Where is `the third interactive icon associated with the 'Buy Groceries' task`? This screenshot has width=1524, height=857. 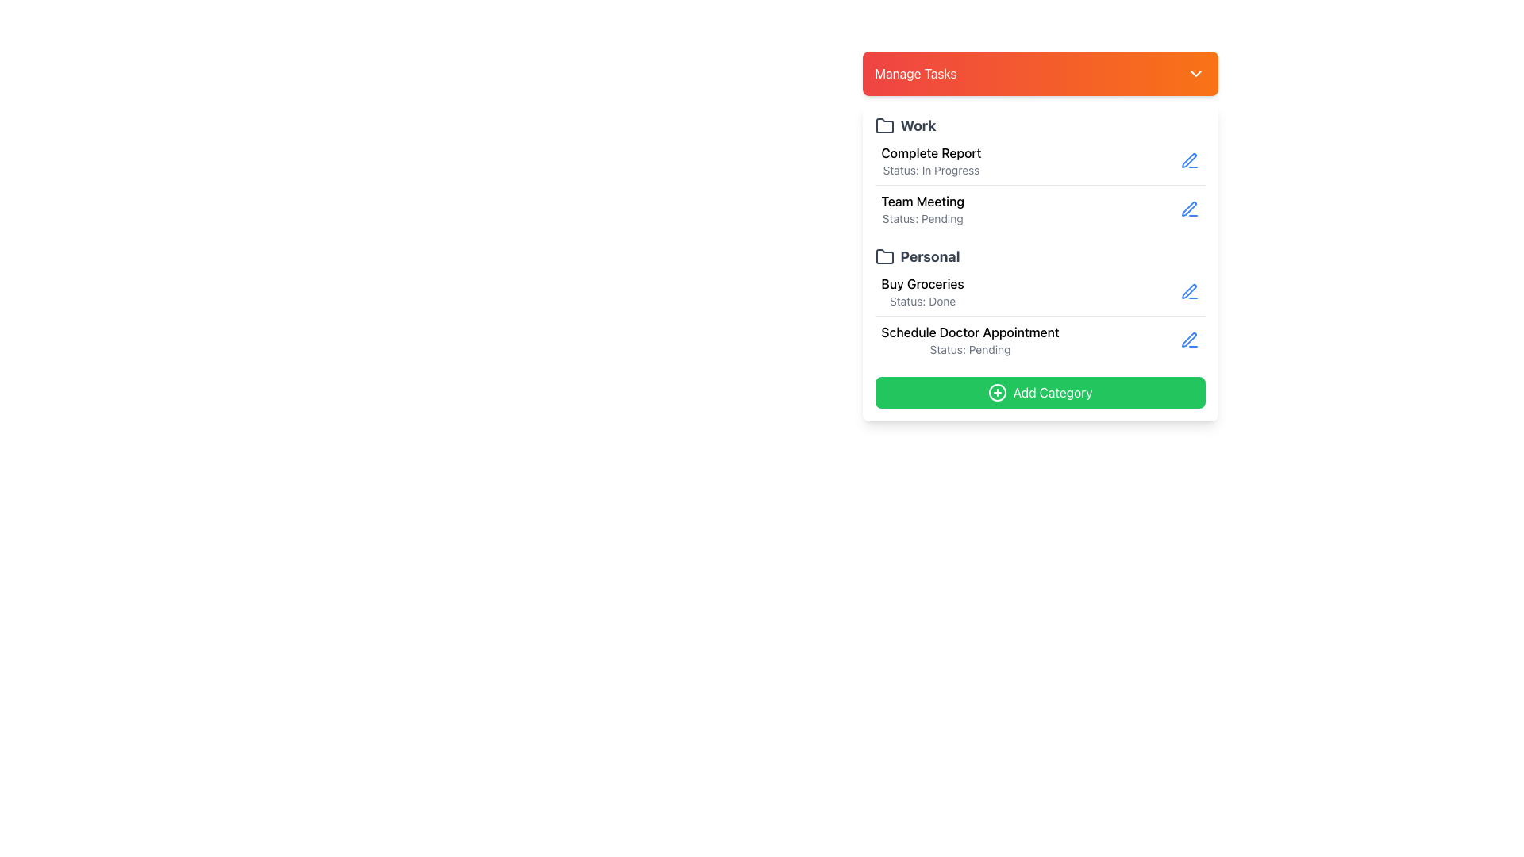
the third interactive icon associated with the 'Buy Groceries' task is located at coordinates (1189, 291).